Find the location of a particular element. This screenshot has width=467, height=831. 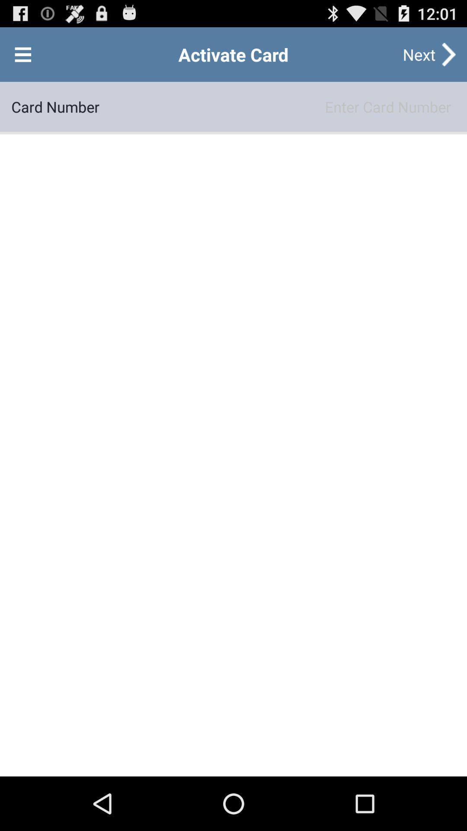

the item to the right of card number item is located at coordinates (277, 106).